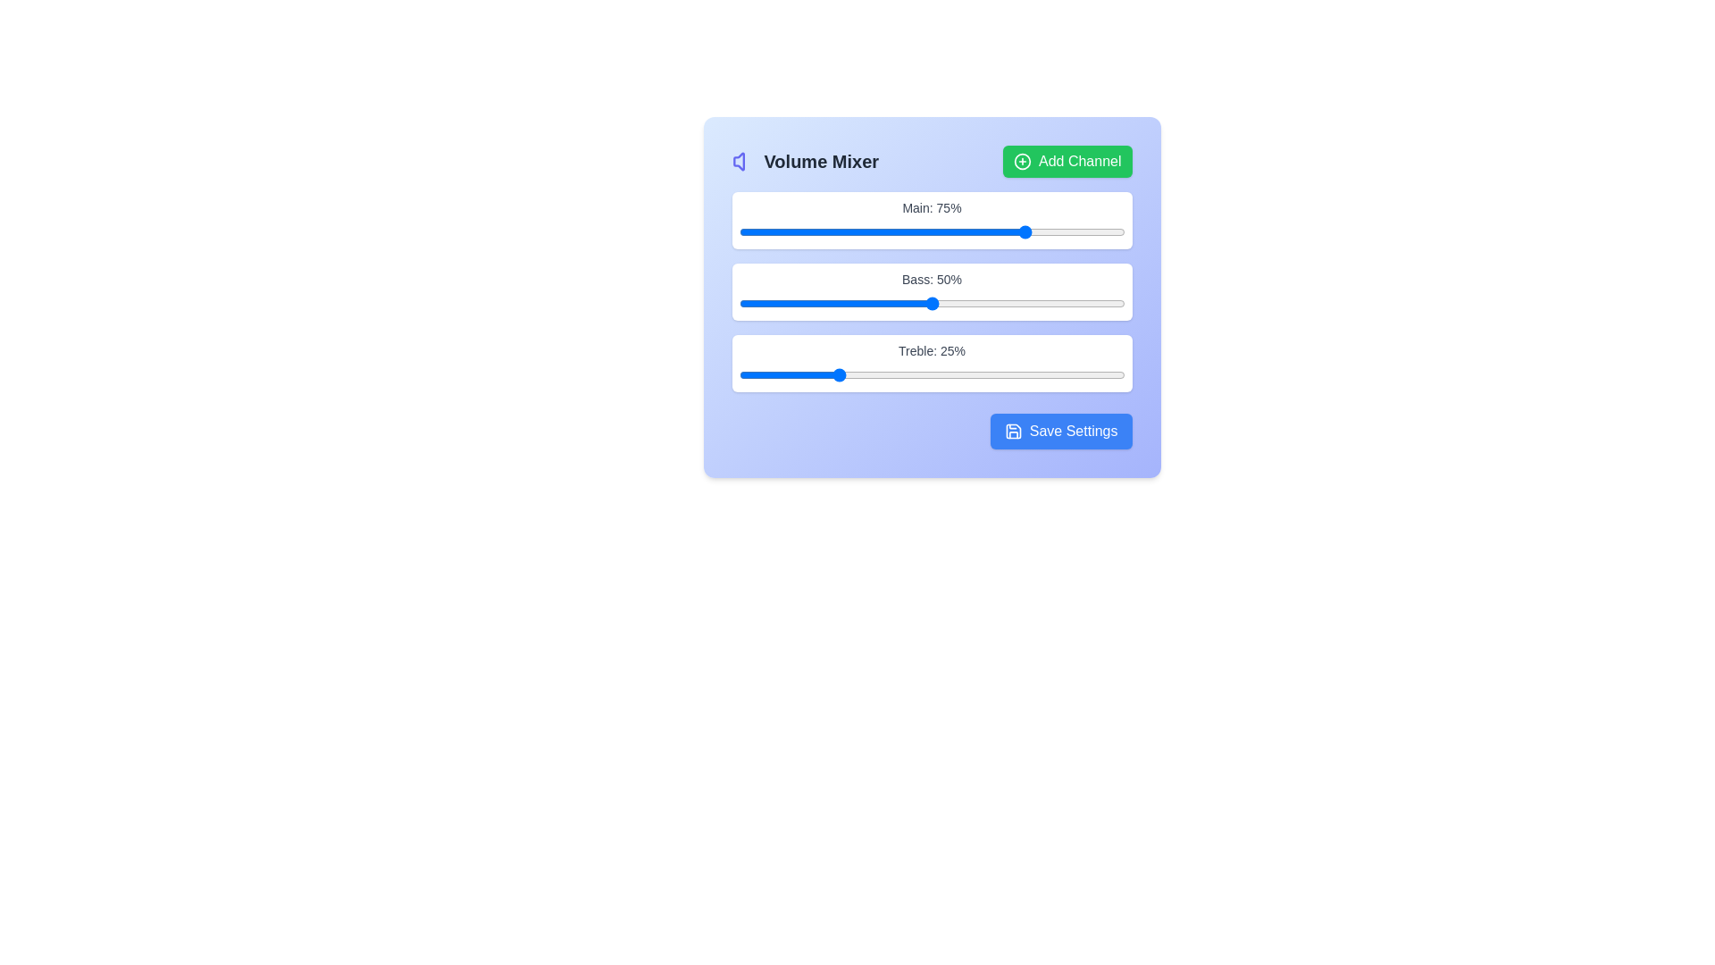 This screenshot has width=1715, height=965. I want to click on the 'Save Settings' button, which contains the save icon representing the action of saving data or settings, so click(1013, 431).